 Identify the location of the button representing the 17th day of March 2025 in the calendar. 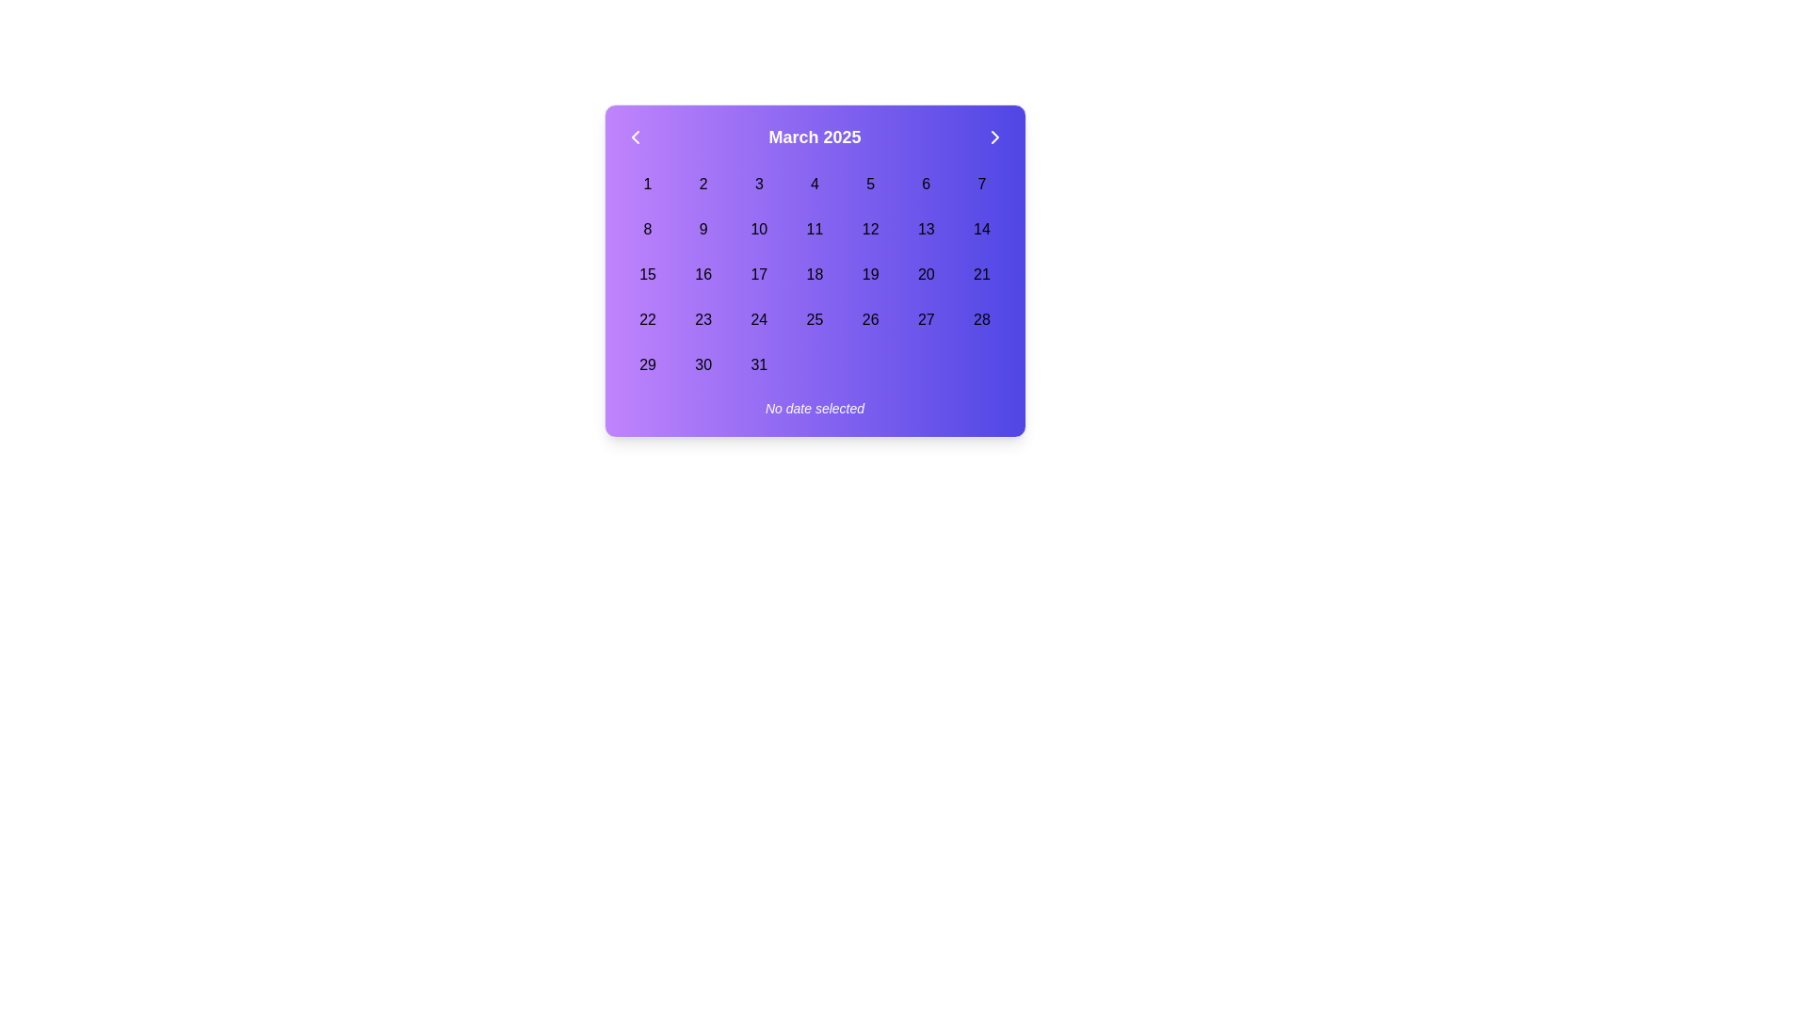
(759, 275).